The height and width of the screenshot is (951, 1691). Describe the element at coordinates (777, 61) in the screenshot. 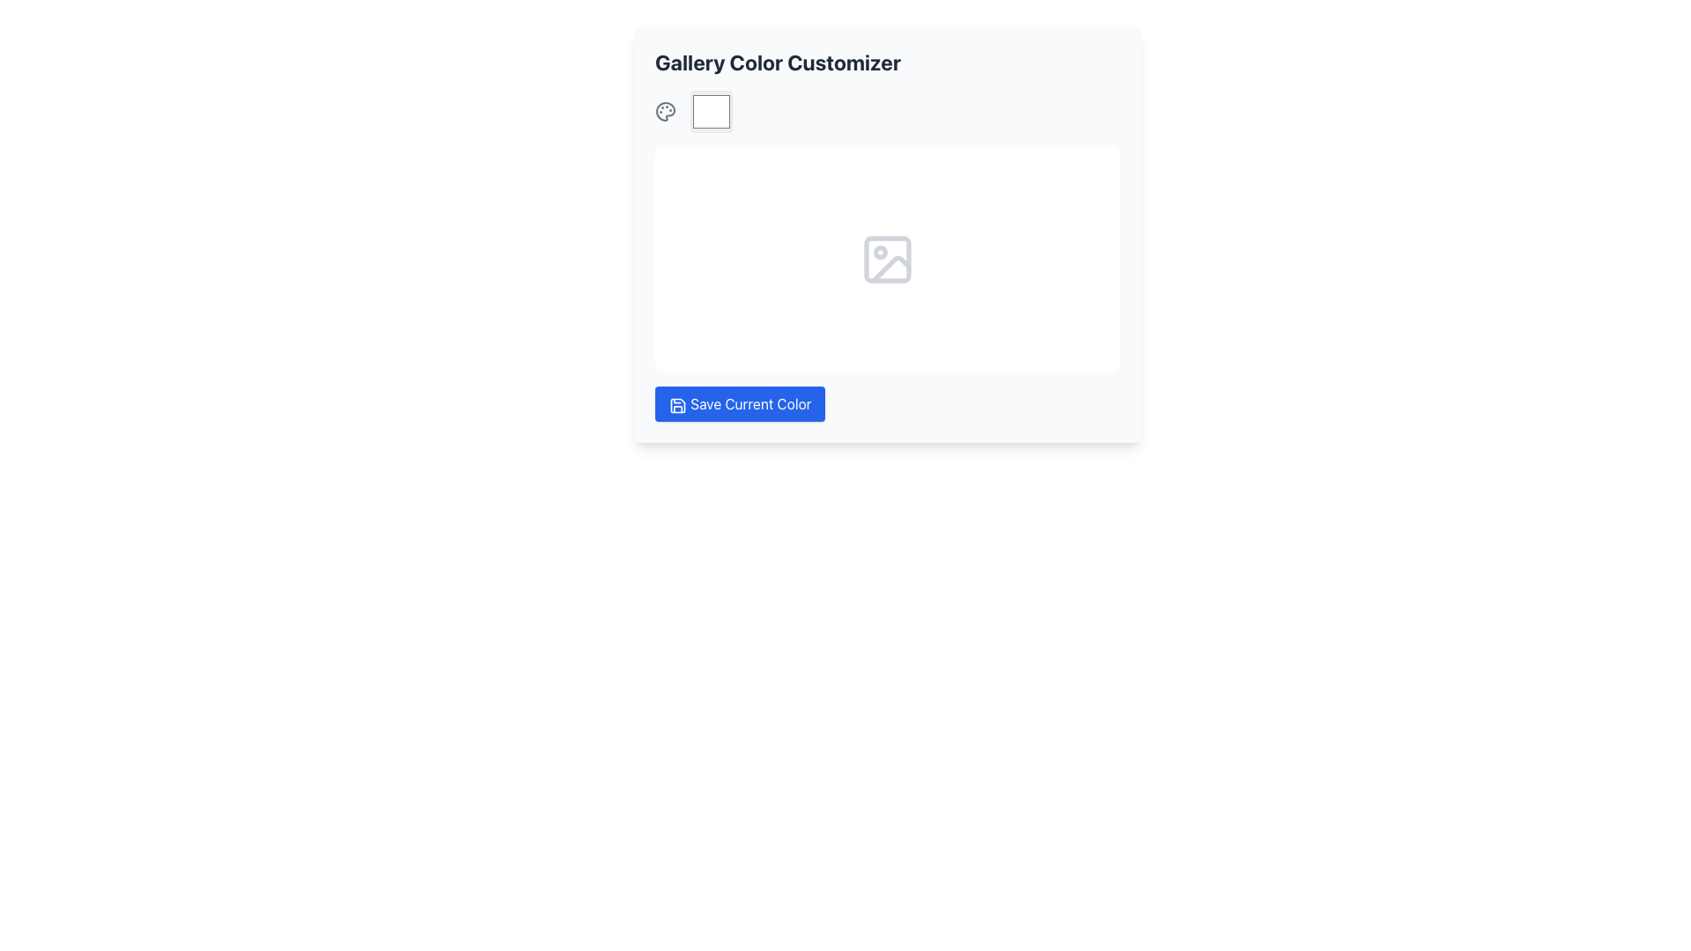

I see `text 'Gallery Color Customizer', which is displayed prominently in bold and large font at the top of the panel, centrally aligned` at that location.